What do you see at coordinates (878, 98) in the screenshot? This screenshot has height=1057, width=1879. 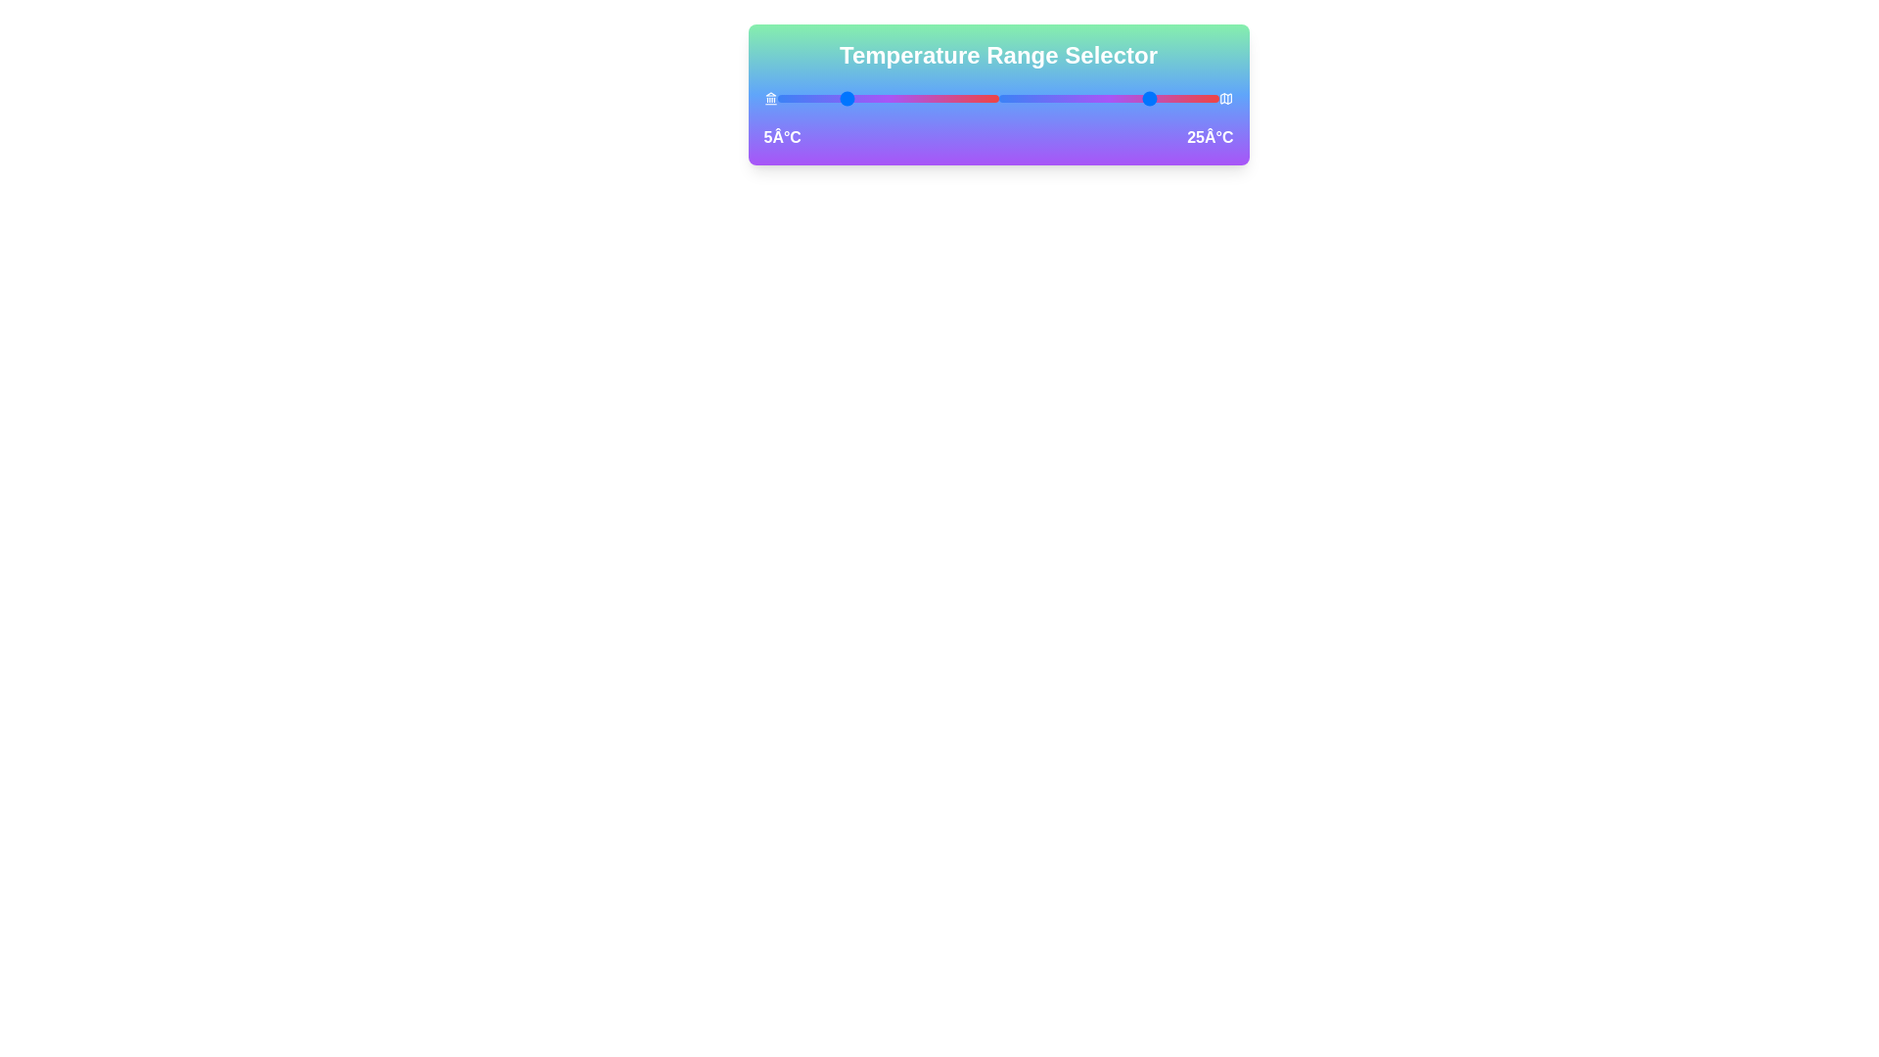 I see `the left temperature slider to 13°C` at bounding box center [878, 98].